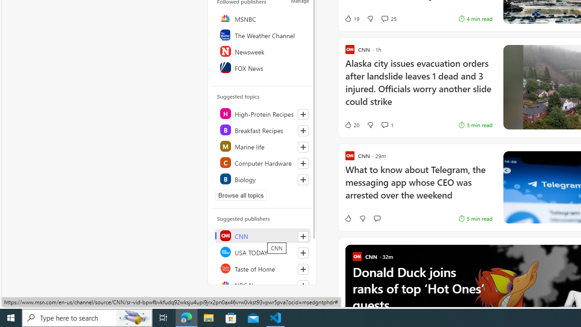 Image resolution: width=581 pixels, height=327 pixels. Describe the element at coordinates (262, 235) in the screenshot. I see `'CNN'` at that location.